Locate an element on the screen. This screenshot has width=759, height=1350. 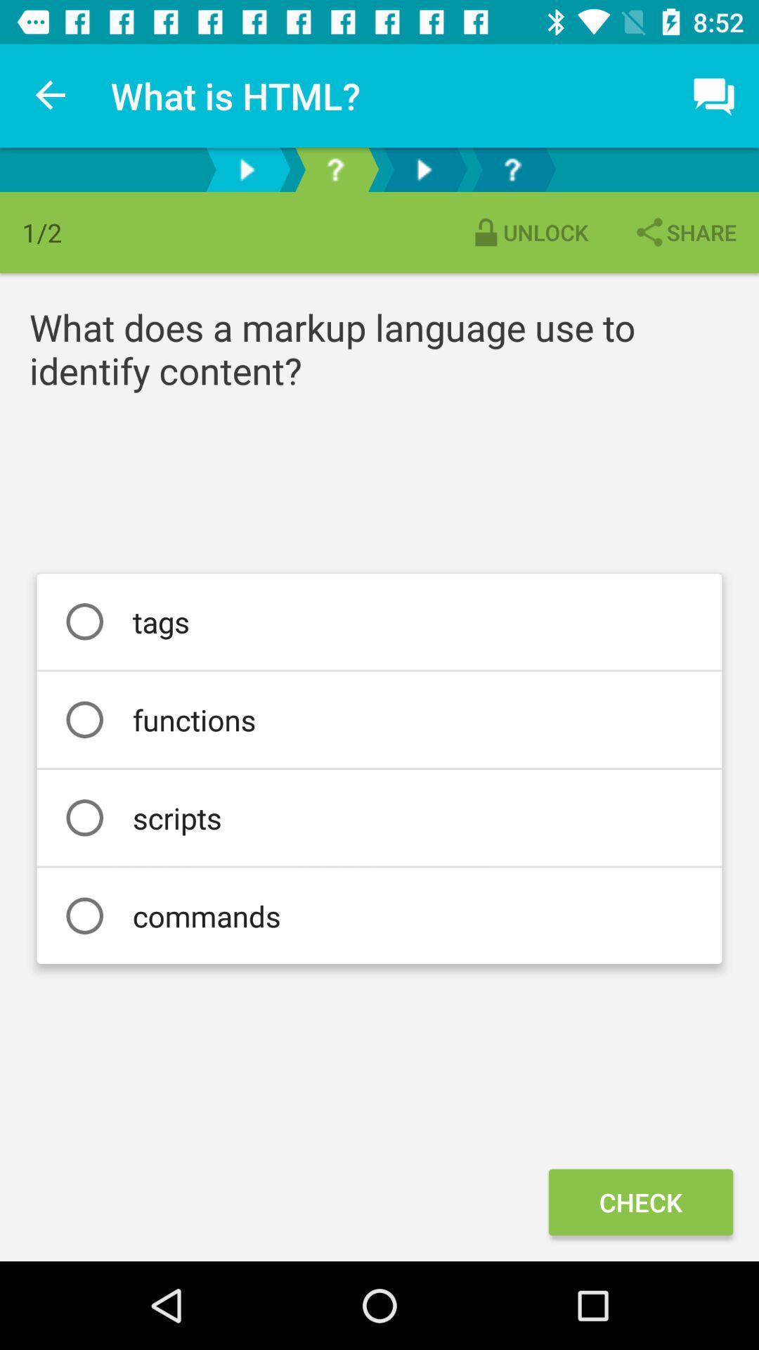
the next page is located at coordinates (246, 169).